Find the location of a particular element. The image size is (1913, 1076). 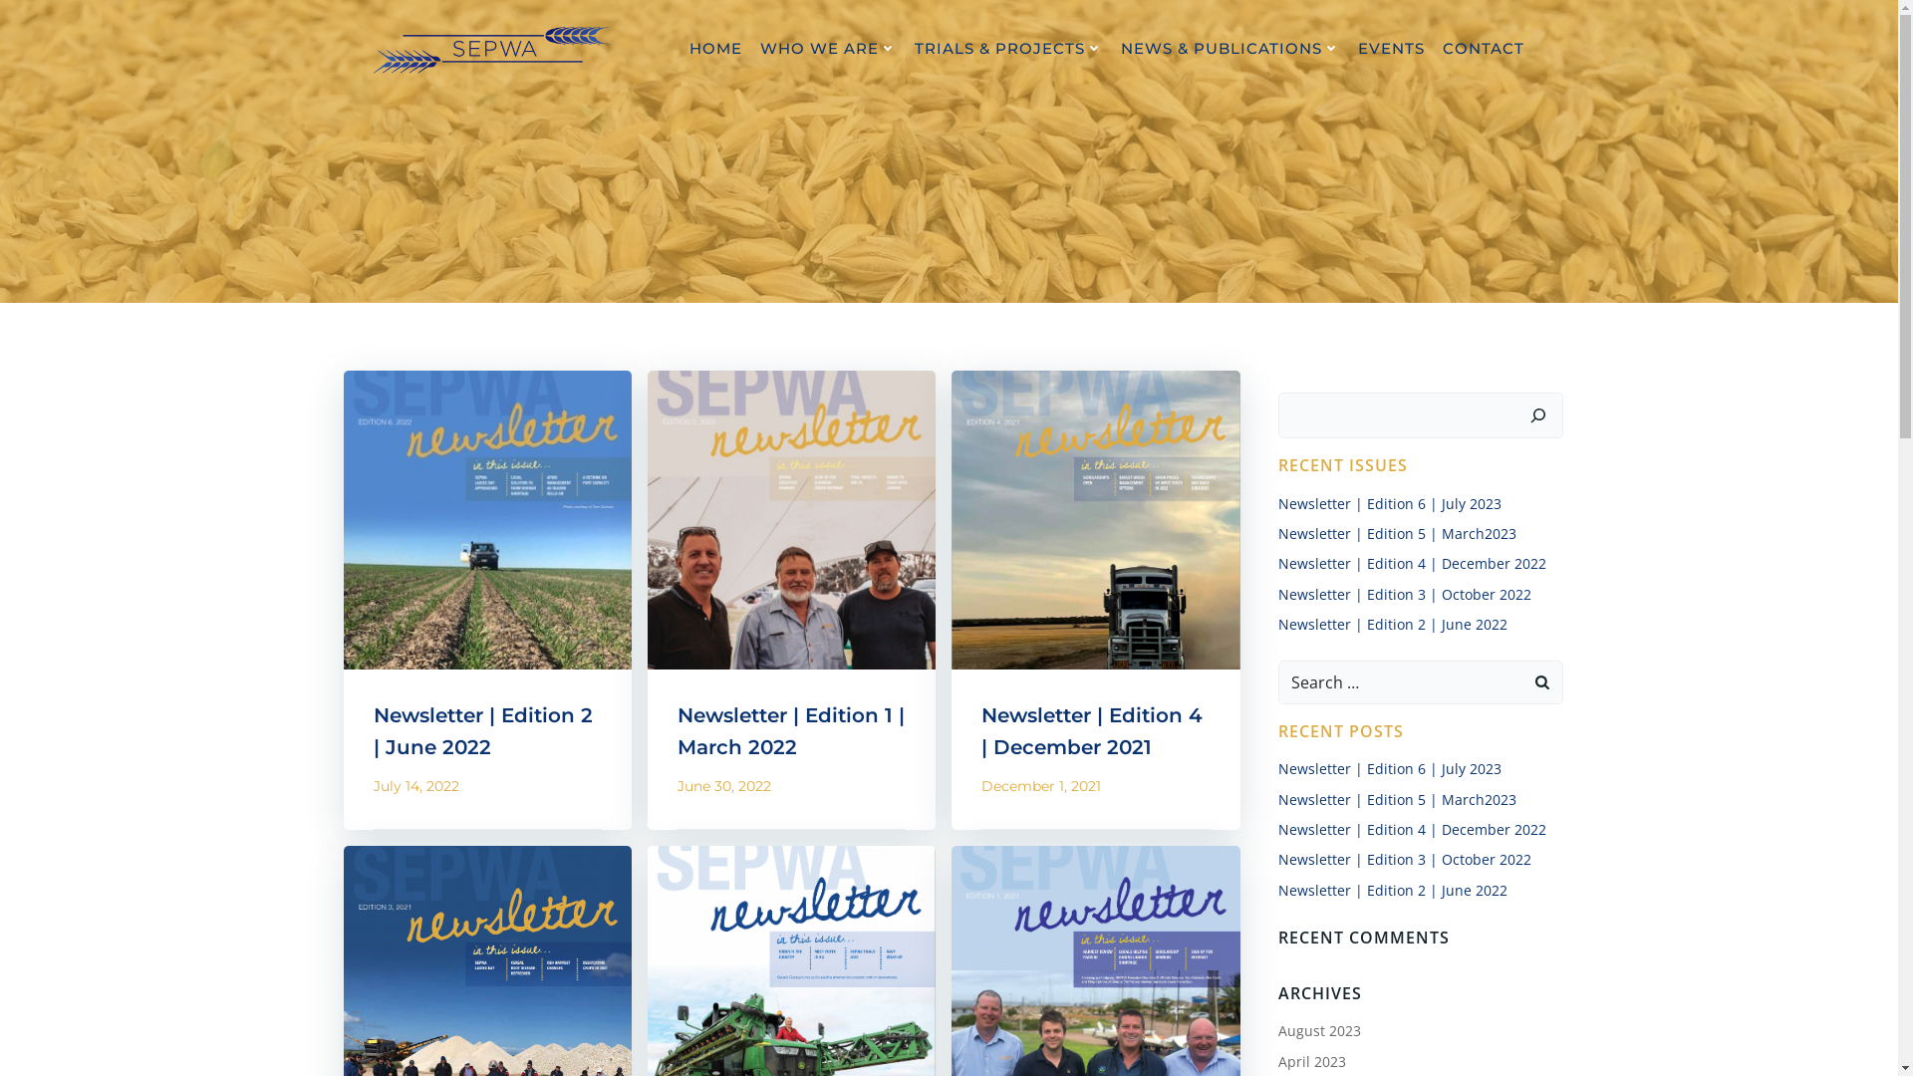

'Newsletter | Edition 1 | March 2022' is located at coordinates (790, 517).